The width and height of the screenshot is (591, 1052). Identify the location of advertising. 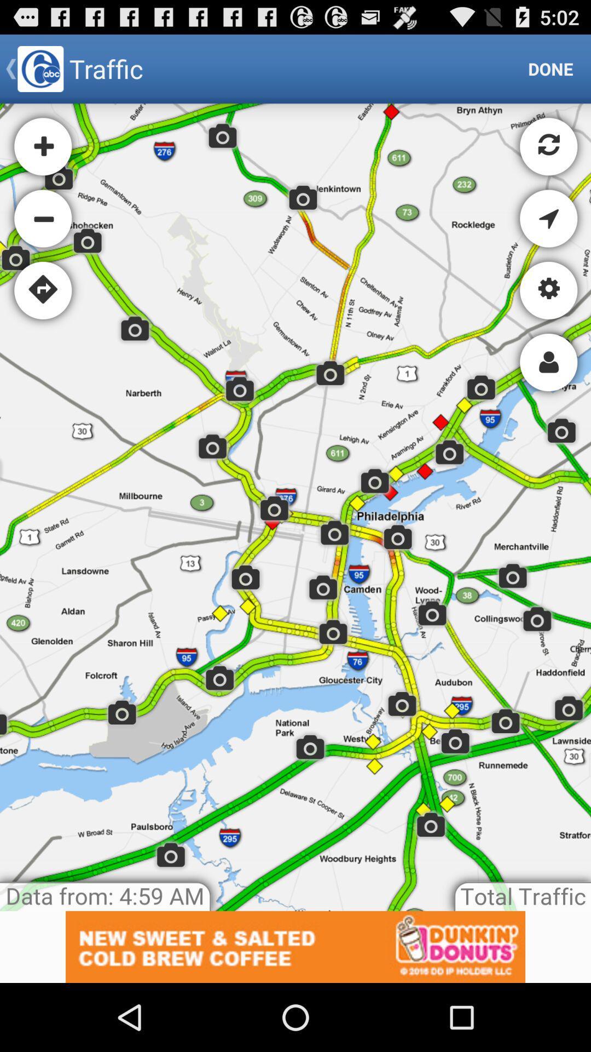
(296, 946).